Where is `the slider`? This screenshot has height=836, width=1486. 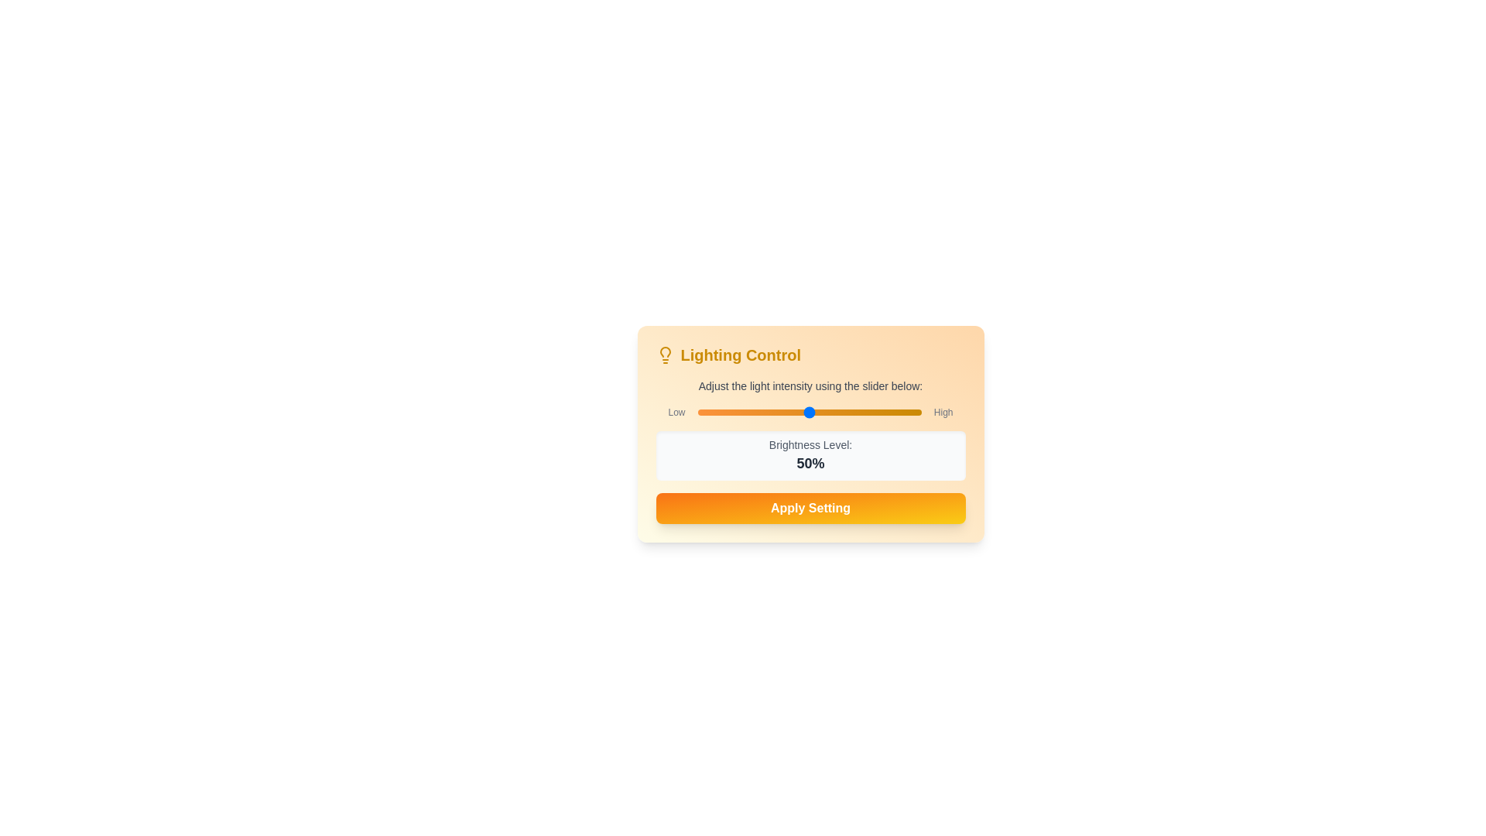
the slider is located at coordinates (805, 411).